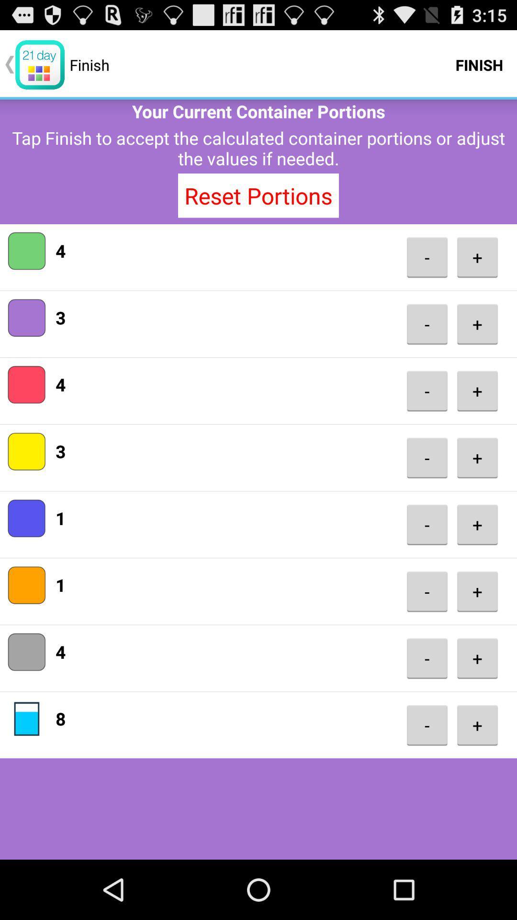 The width and height of the screenshot is (517, 920). What do you see at coordinates (427, 725) in the screenshot?
I see `item below the -` at bounding box center [427, 725].